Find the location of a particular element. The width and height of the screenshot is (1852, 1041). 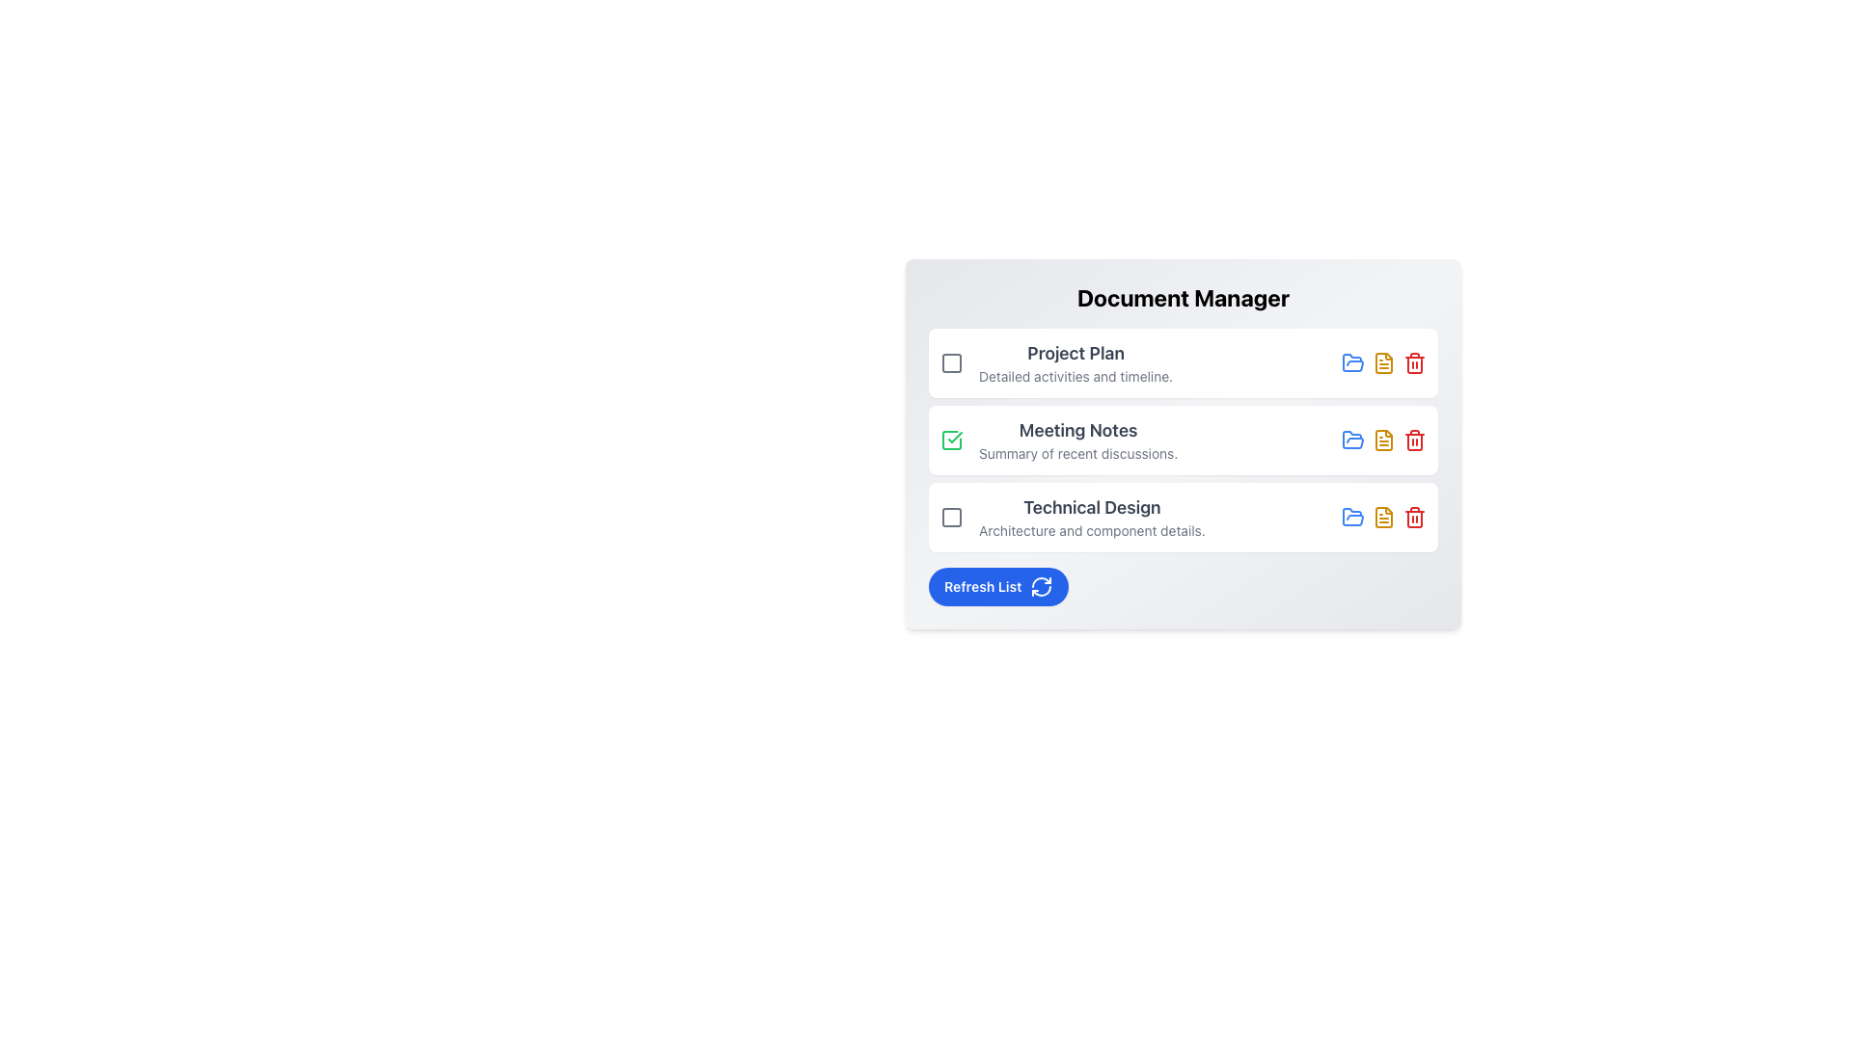

the yellow file icon that serves as an action button for viewing or editing the 'Meeting Notes' document in the Document Manager list is located at coordinates (1383, 440).